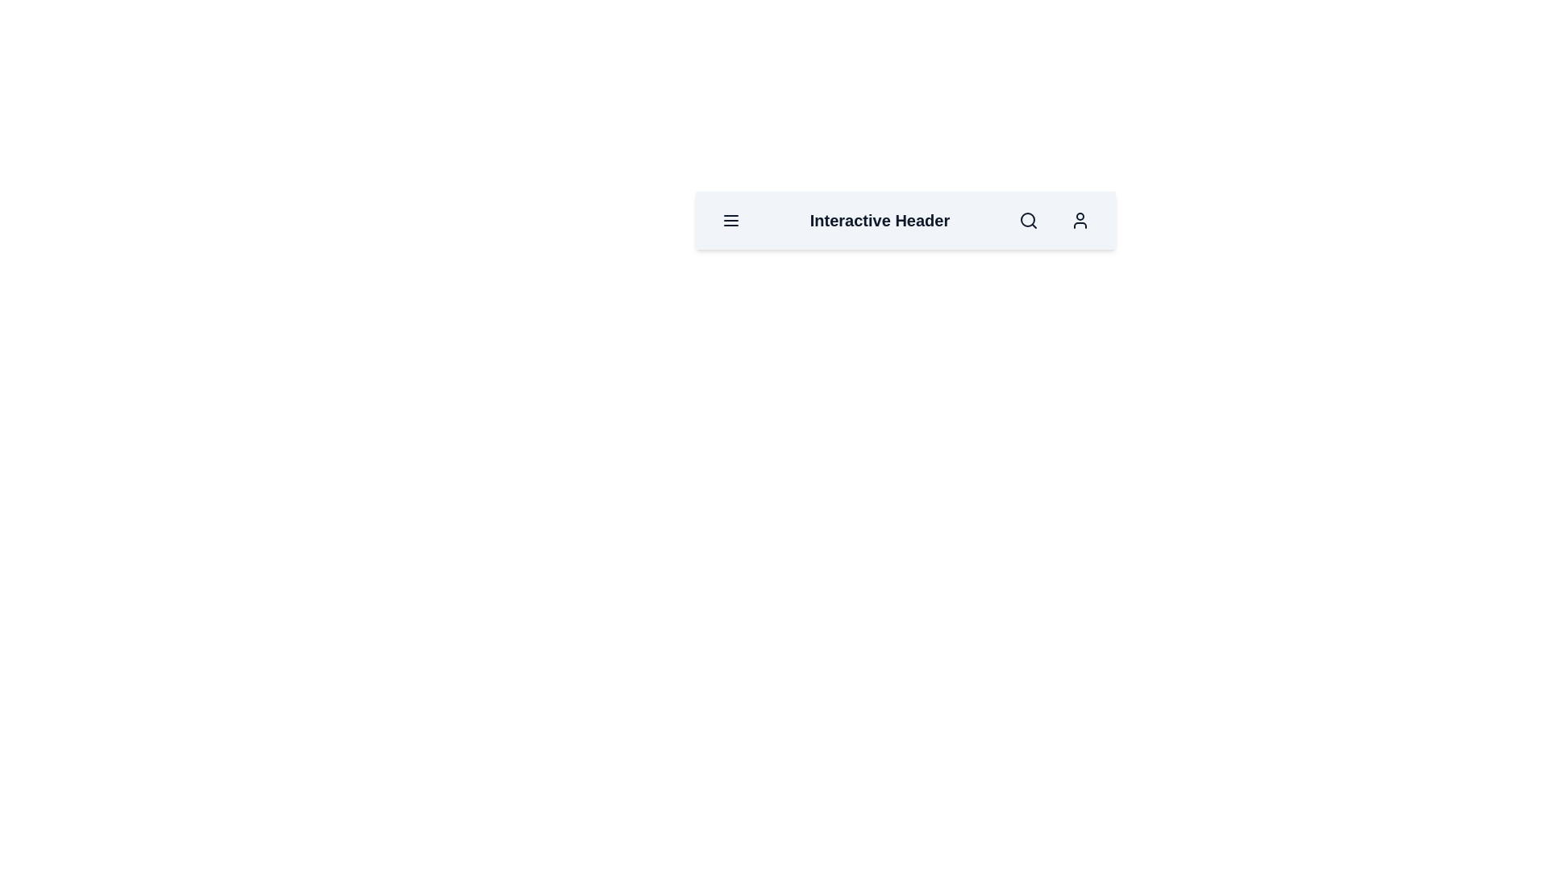 The height and width of the screenshot is (870, 1548). Describe the element at coordinates (1028, 220) in the screenshot. I see `the button that toggles between dark and light modes` at that location.